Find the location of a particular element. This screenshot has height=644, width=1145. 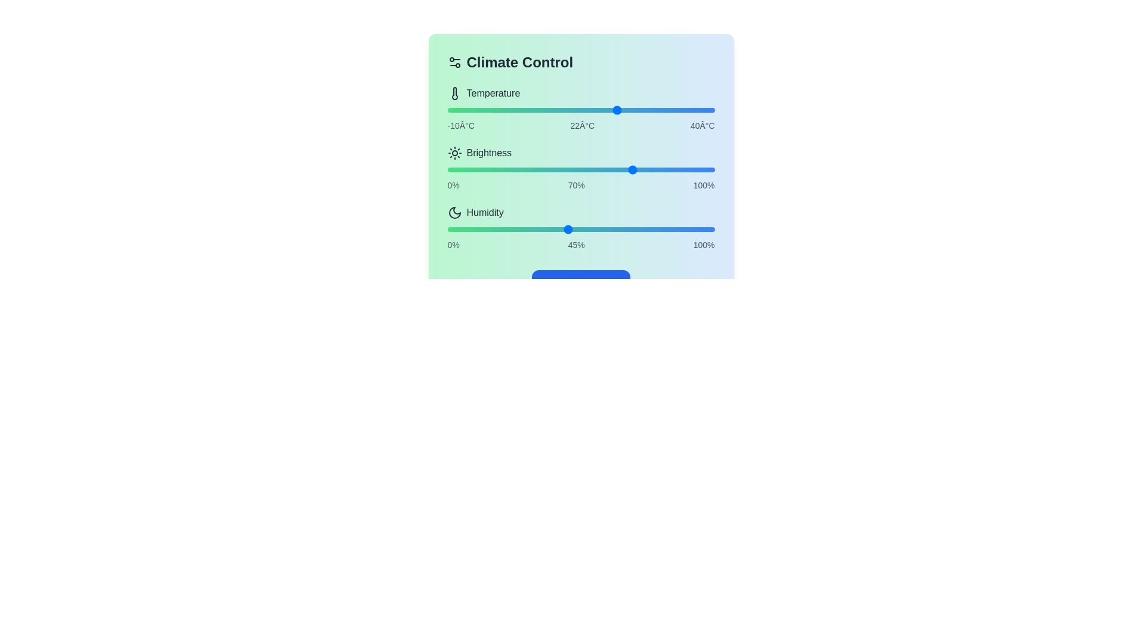

the humidity level is located at coordinates (575, 230).